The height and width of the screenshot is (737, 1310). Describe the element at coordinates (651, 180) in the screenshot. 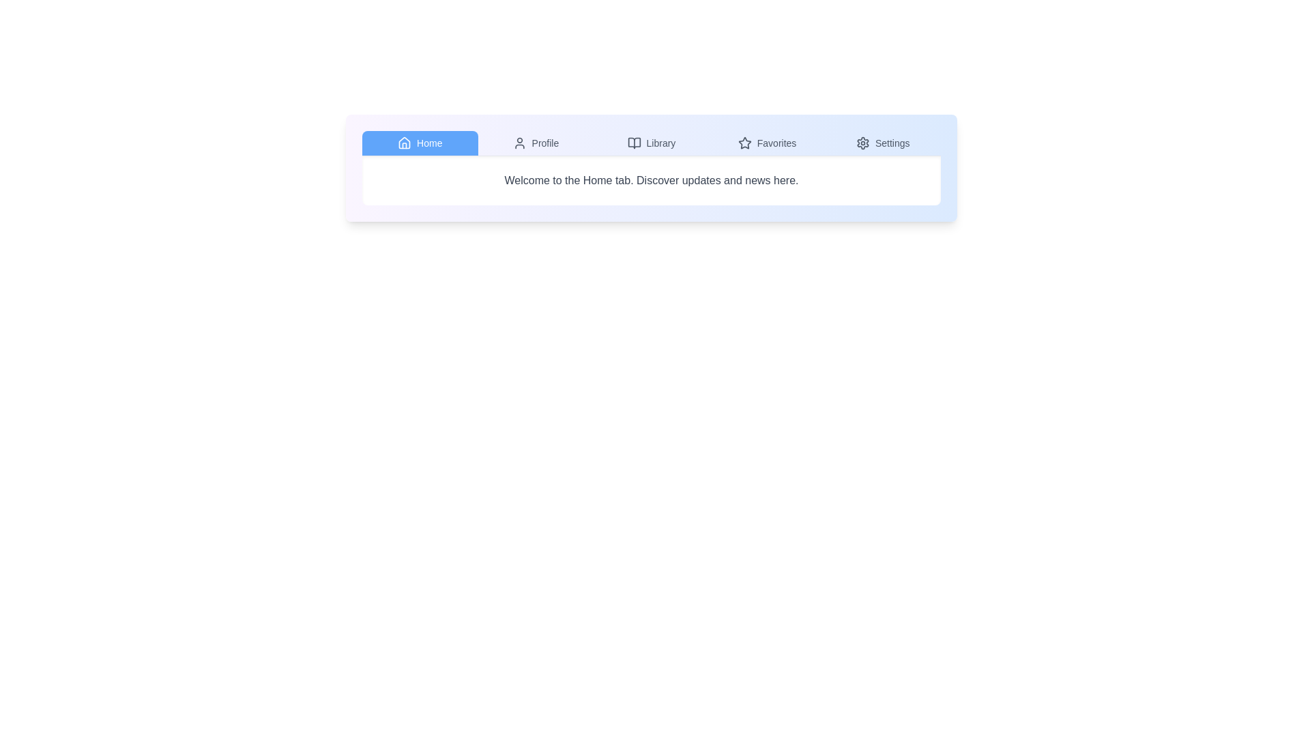

I see `the static text label that reads 'Welcome to the Home tab. Discover updates and news here.' which is centrally aligned within a white background area below the navigation bar` at that location.